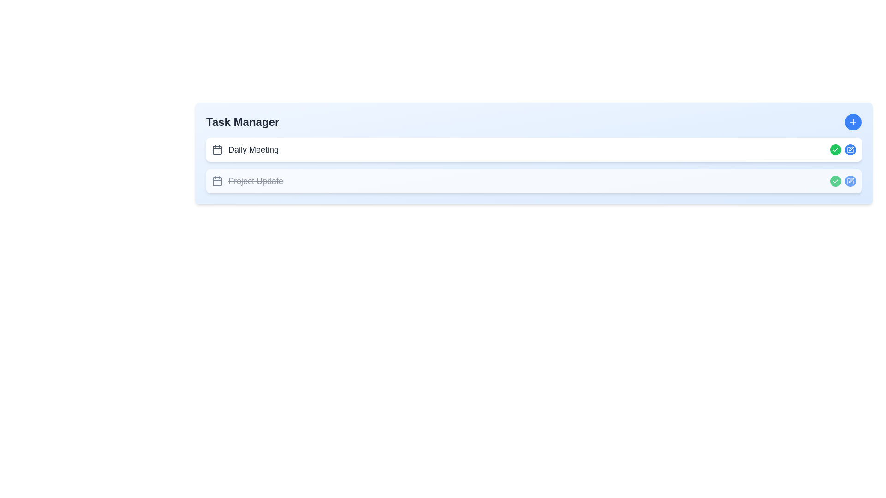 Image resolution: width=886 pixels, height=498 pixels. What do you see at coordinates (850, 181) in the screenshot?
I see `the edit button located at the far right of the task row labeled 'Project Update'` at bounding box center [850, 181].